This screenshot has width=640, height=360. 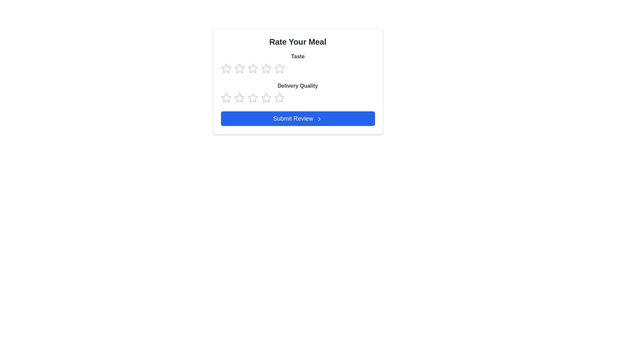 I want to click on the star icons in the 'Rate Your Meal' section to provide ratings for 'Taste' and 'Delivery Quality', so click(x=297, y=81).